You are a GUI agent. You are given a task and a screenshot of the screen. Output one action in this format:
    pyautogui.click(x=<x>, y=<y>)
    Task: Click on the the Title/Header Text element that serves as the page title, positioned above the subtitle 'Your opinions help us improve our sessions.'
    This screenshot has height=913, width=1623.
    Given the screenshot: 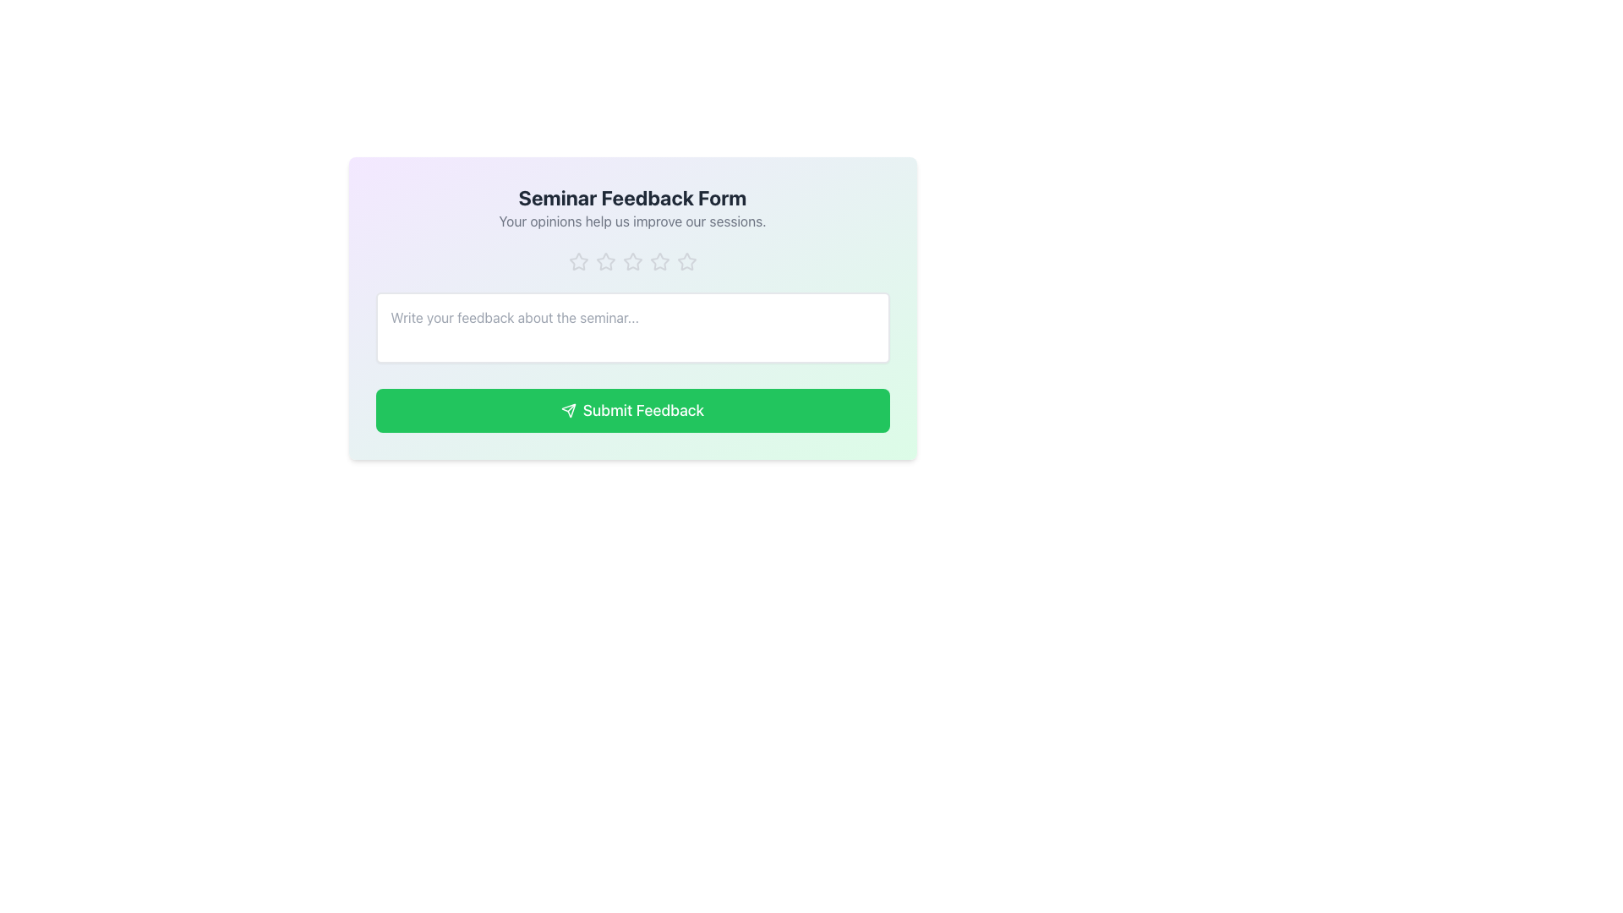 What is the action you would take?
    pyautogui.click(x=631, y=197)
    